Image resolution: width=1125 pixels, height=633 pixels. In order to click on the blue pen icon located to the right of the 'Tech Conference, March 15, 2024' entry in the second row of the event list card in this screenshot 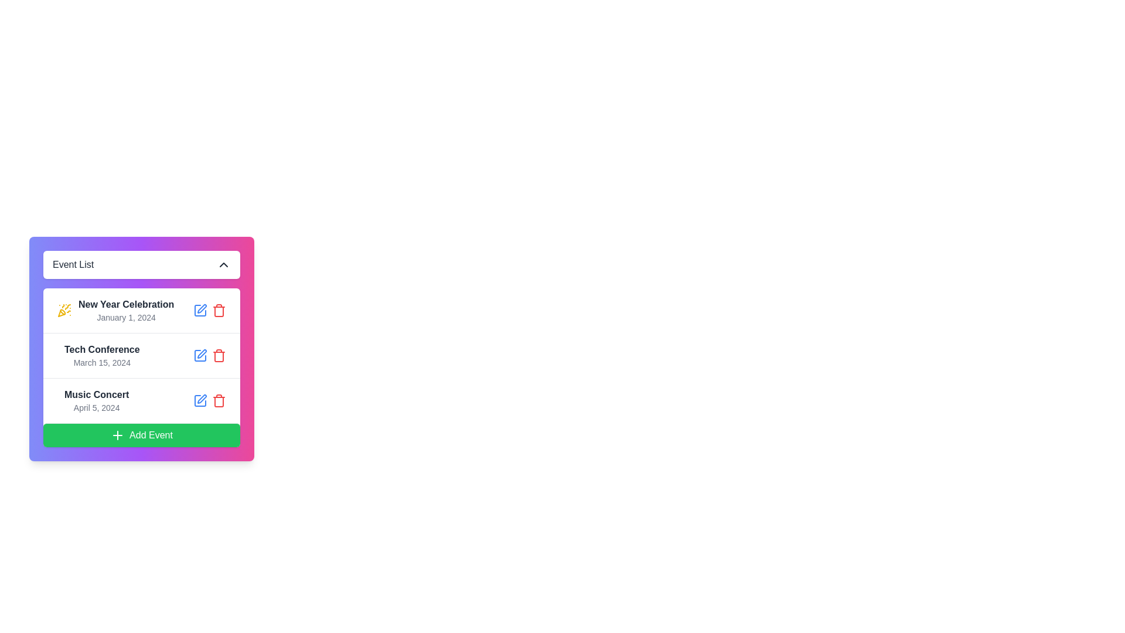, I will do `click(210, 355)`.